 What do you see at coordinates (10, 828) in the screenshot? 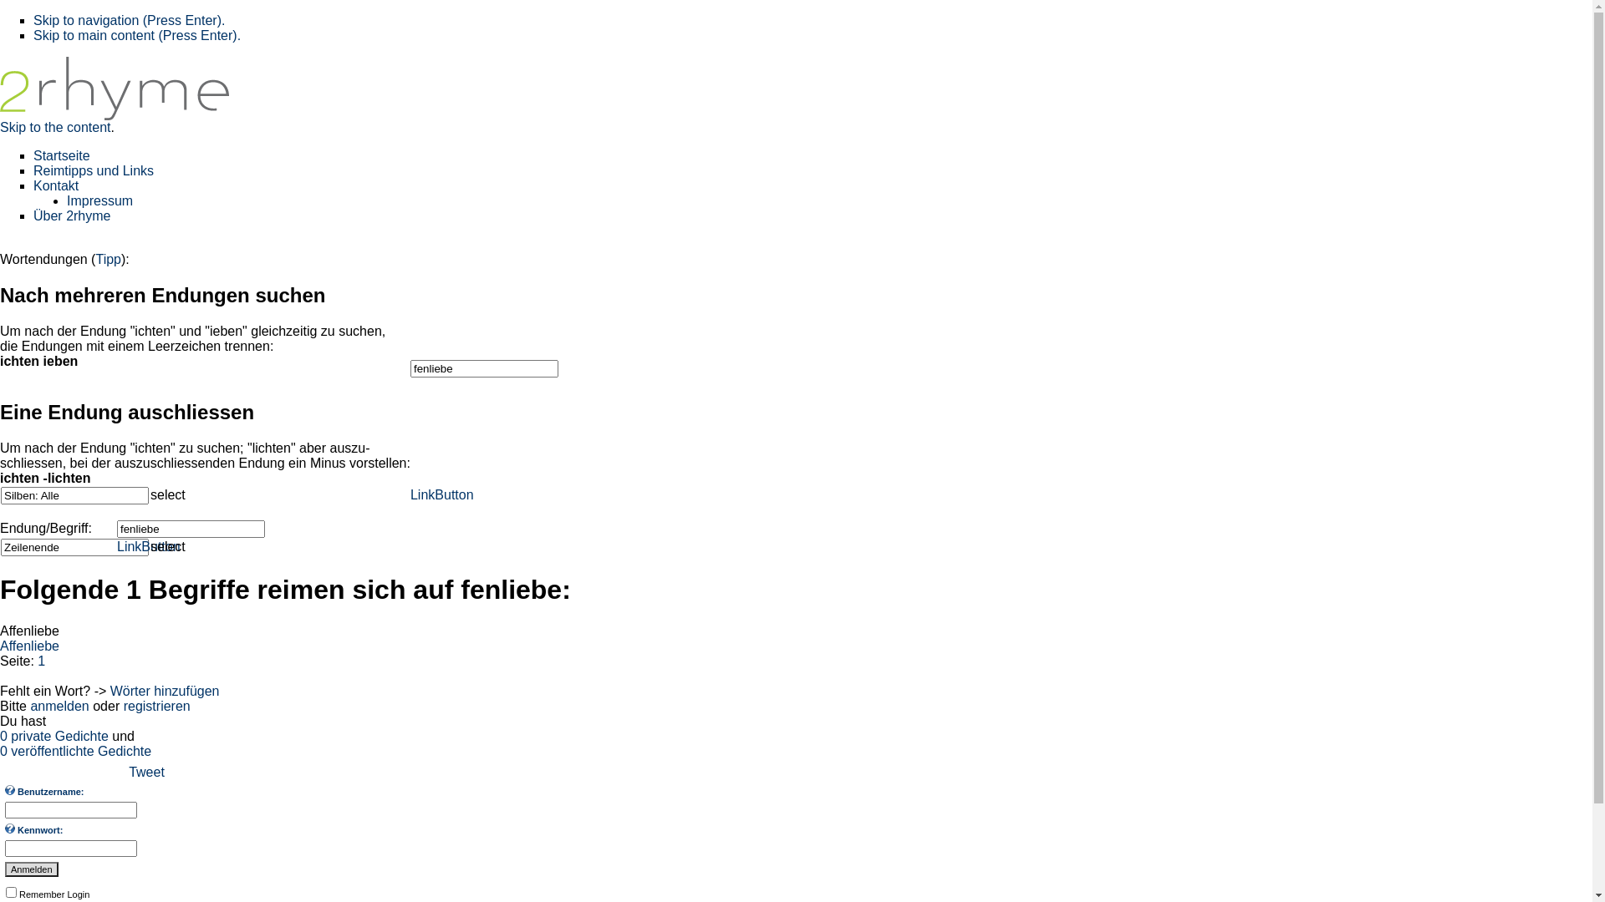
I see `'Geben Sie Ihr Kennwort ein.'` at bounding box center [10, 828].